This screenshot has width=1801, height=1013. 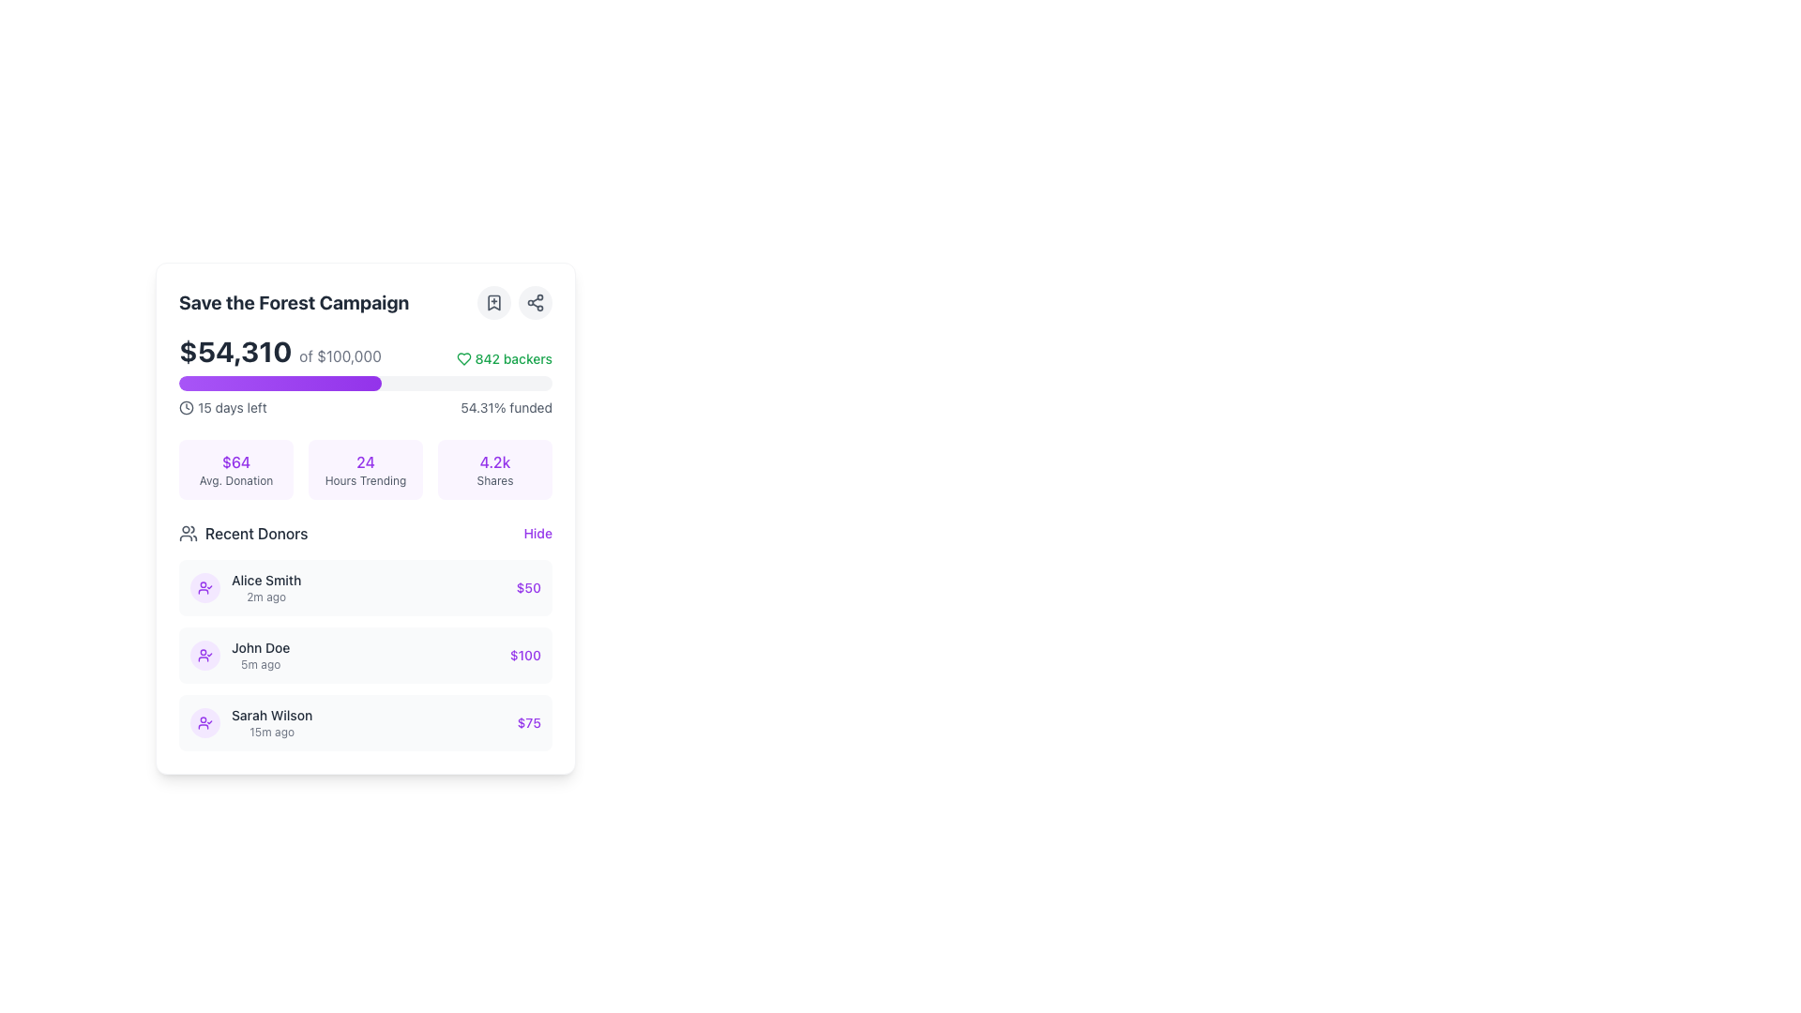 What do you see at coordinates (365, 382) in the screenshot?
I see `the progress indicator bar located below the financial progress text ('$54,310 of $100,000') and above the metadata text ('15 days left' and '54.31% funded')` at bounding box center [365, 382].